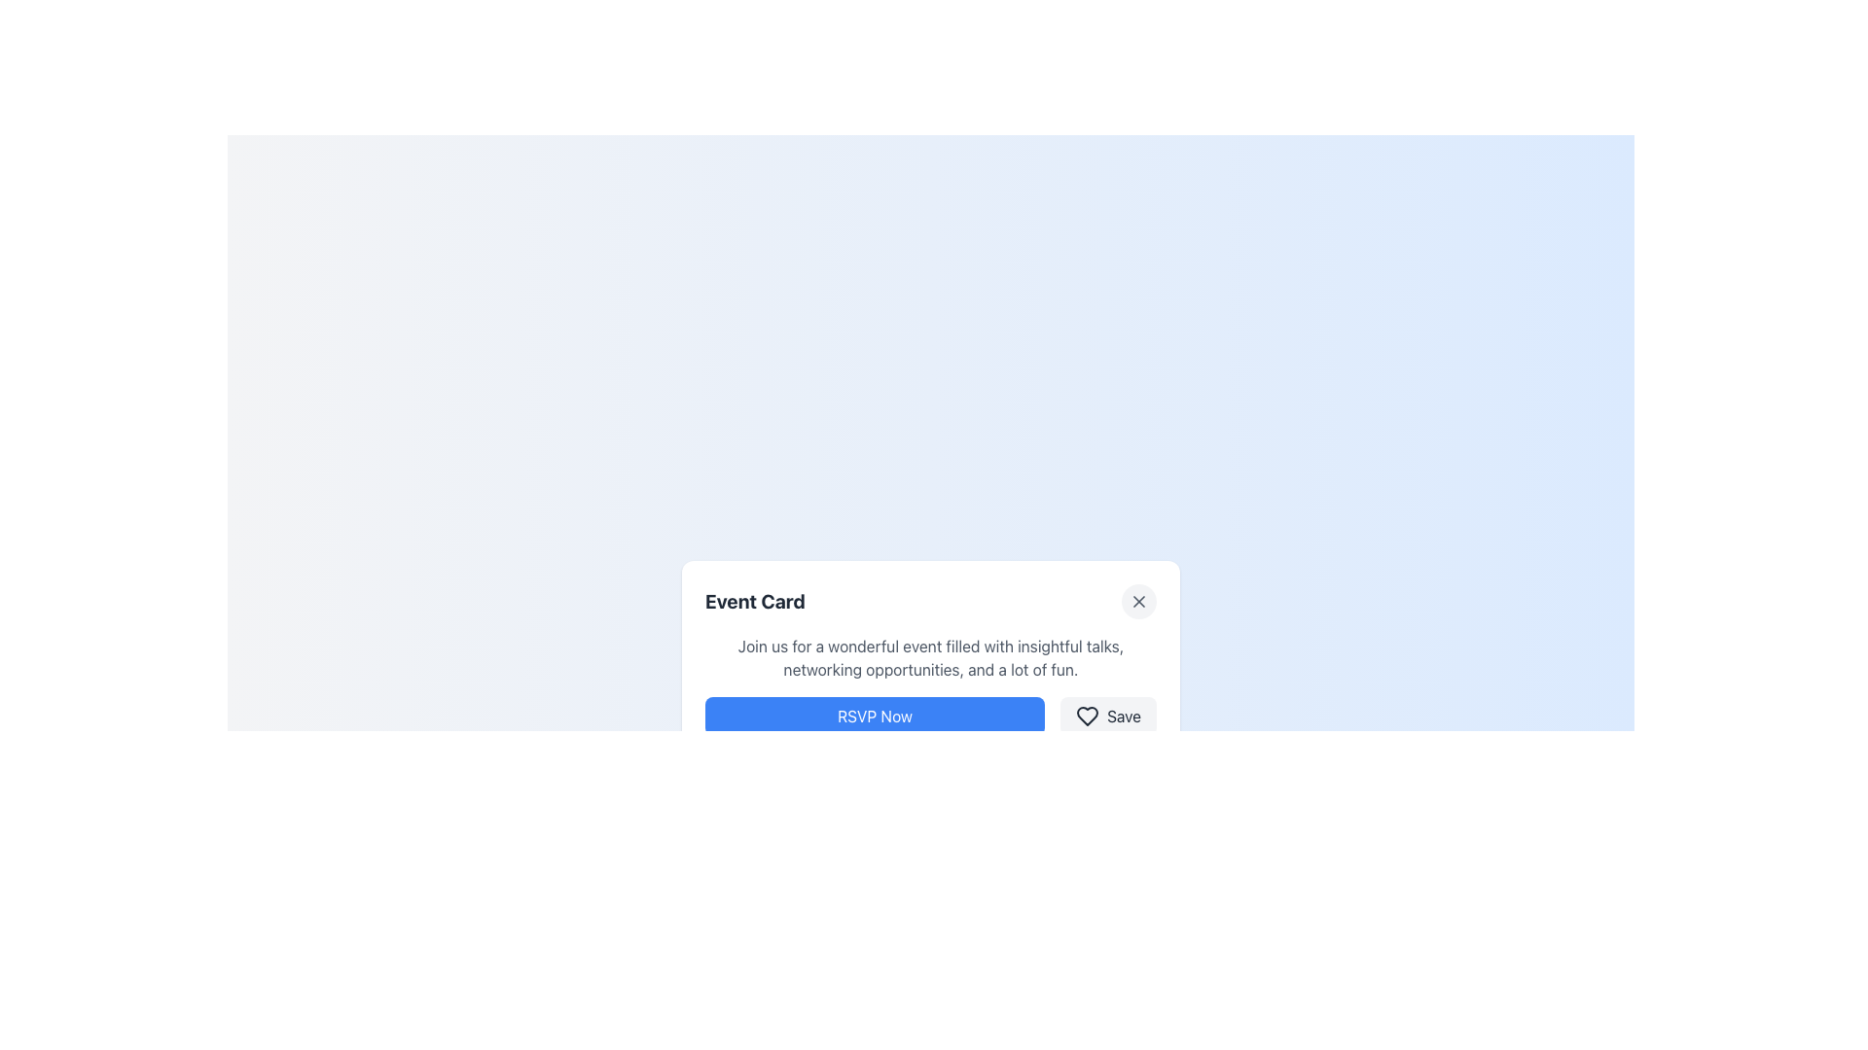  What do you see at coordinates (1139, 600) in the screenshot?
I see `the 'X' icon button used for closing or dismissing an item, which is styled with a cross mark and is located in the top-right corner of the 'Event Card.'` at bounding box center [1139, 600].